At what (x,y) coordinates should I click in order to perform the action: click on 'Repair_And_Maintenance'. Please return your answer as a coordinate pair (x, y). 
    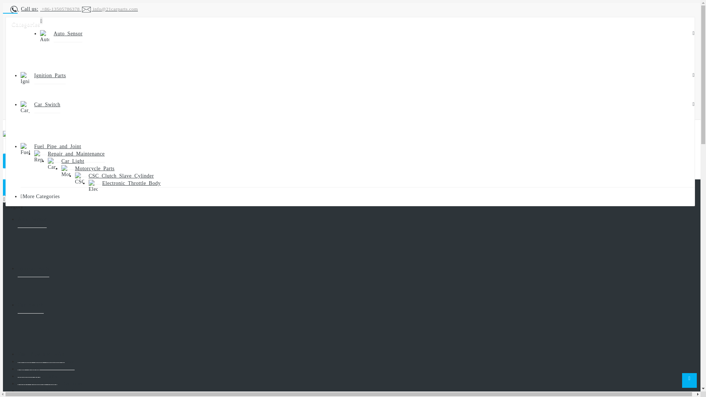
    Looking at the image, I should click on (46, 361).